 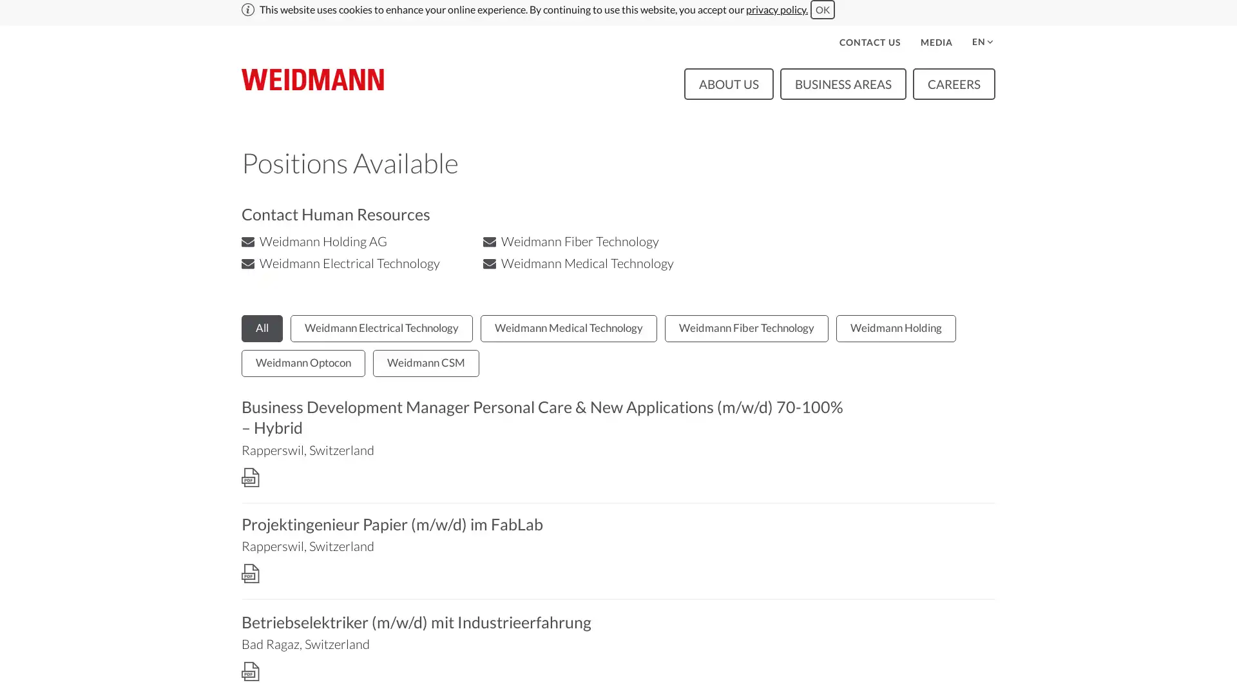 I want to click on Weidmann Holding, so click(x=896, y=302).